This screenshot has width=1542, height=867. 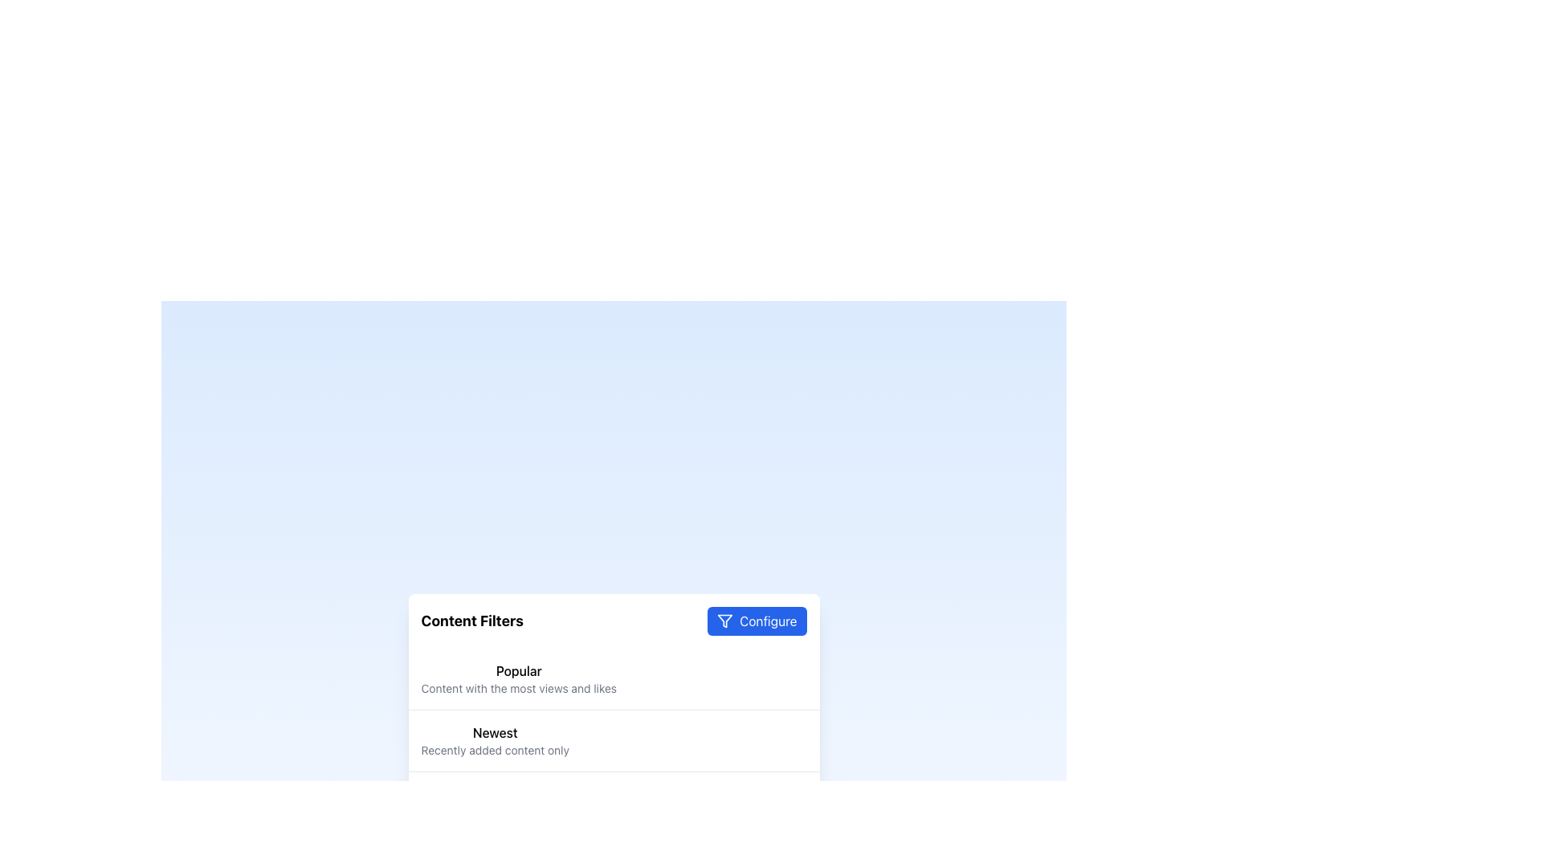 What do you see at coordinates (494, 733) in the screenshot?
I see `the Text Label that introduces the associated description text for the Content Filters, located in the central-right section of the interface, under the 'Popular' section` at bounding box center [494, 733].